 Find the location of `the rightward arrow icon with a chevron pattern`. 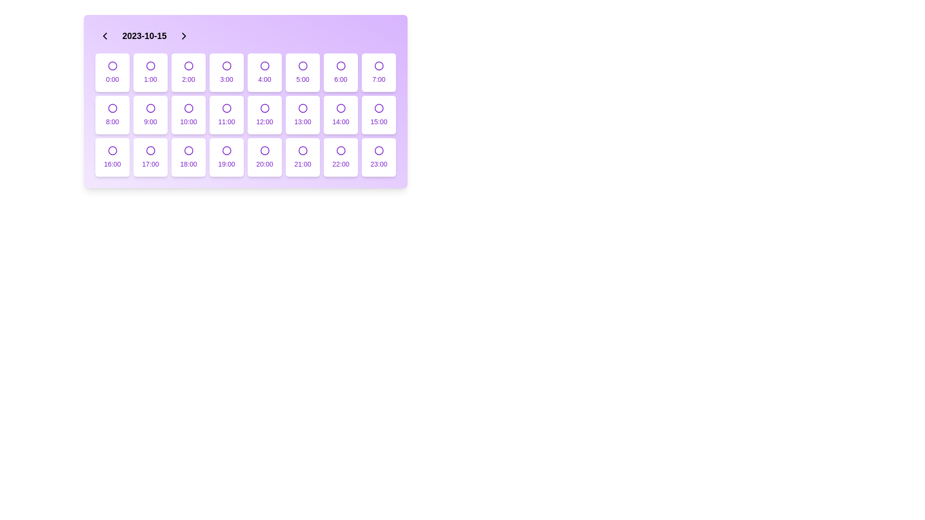

the rightward arrow icon with a chevron pattern is located at coordinates (184, 35).